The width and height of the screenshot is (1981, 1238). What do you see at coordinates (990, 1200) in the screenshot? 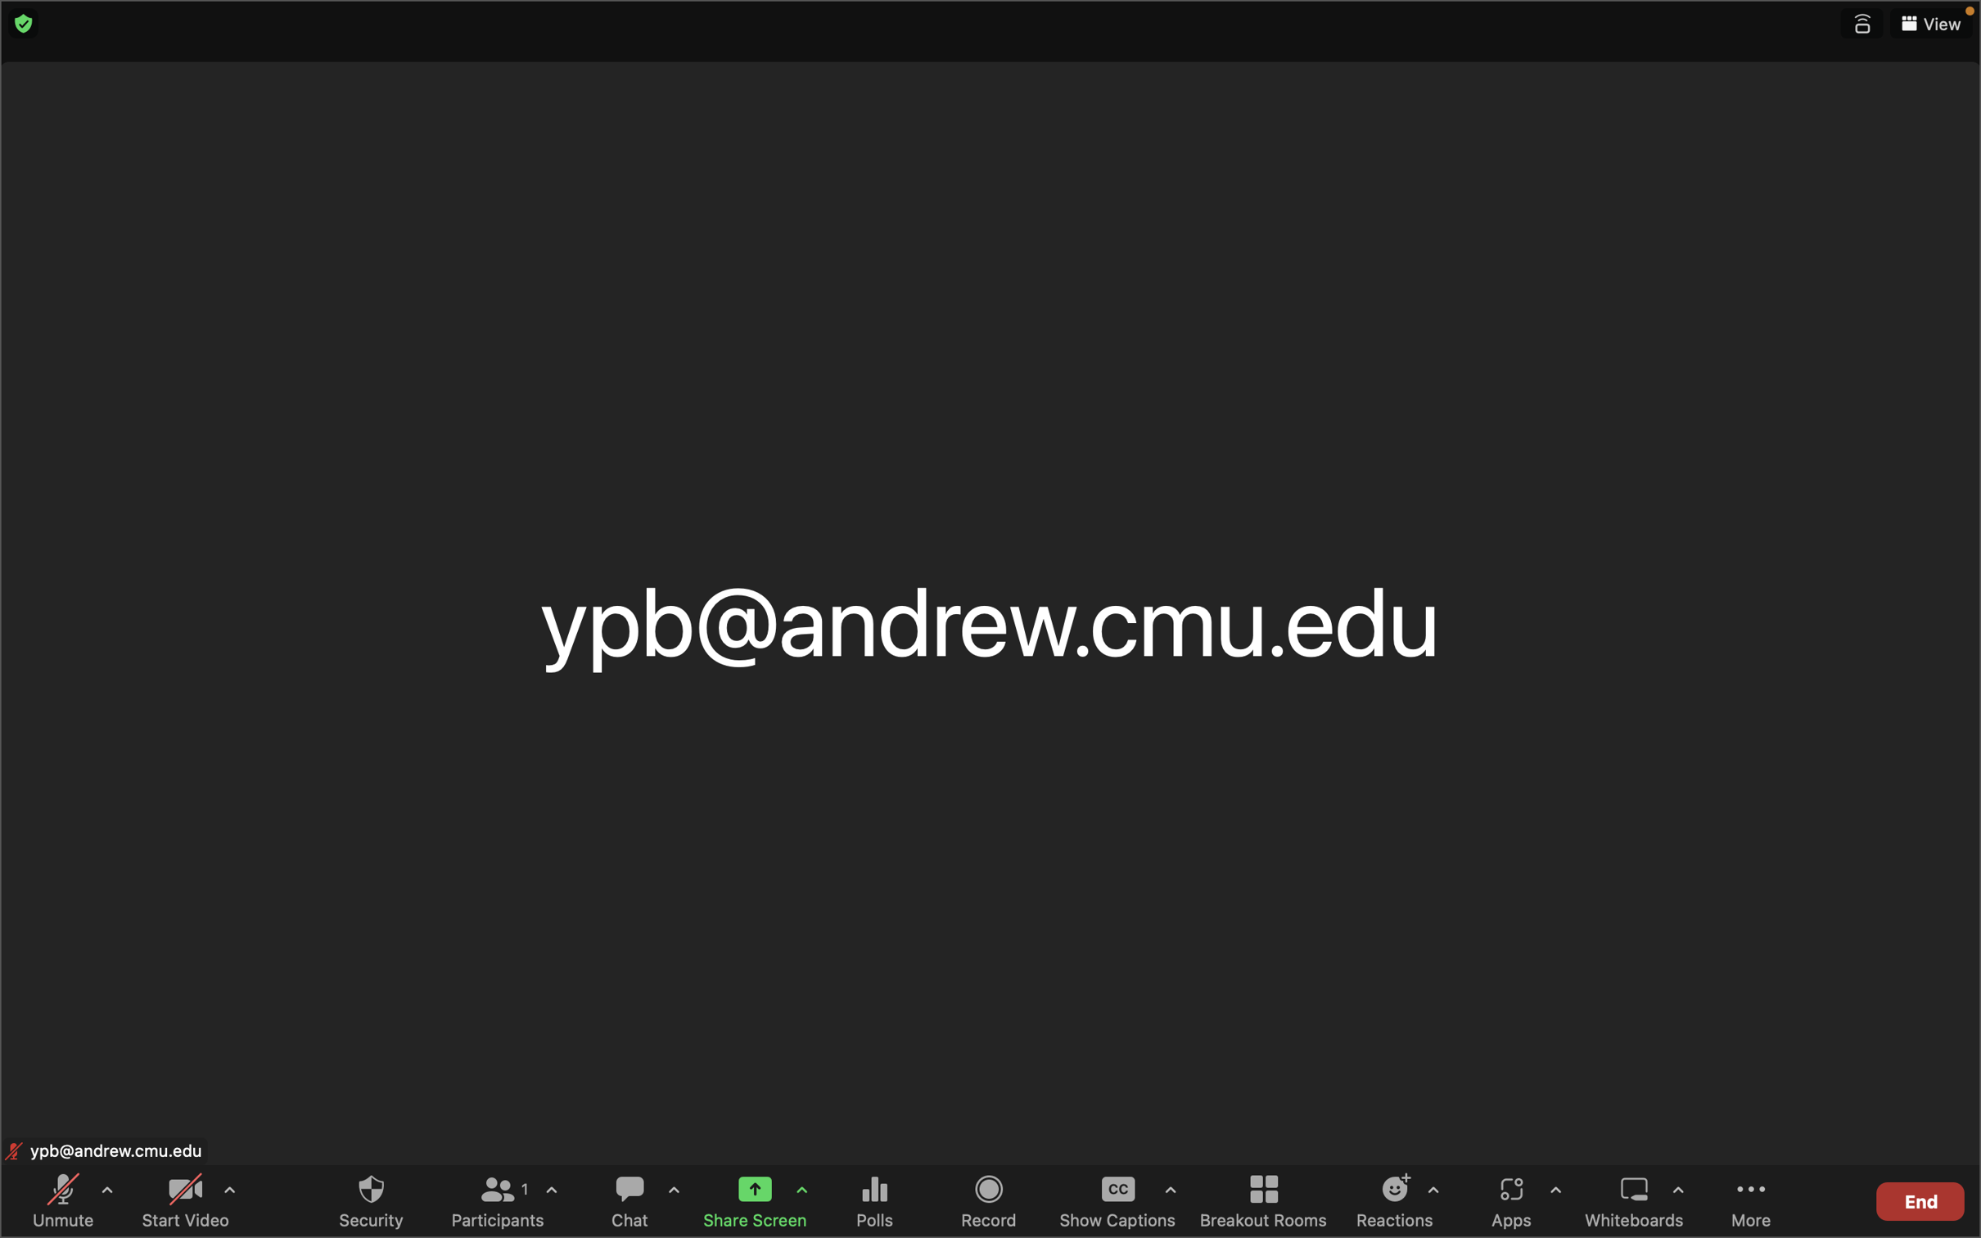
I see `Activate the meeting recording system` at bounding box center [990, 1200].